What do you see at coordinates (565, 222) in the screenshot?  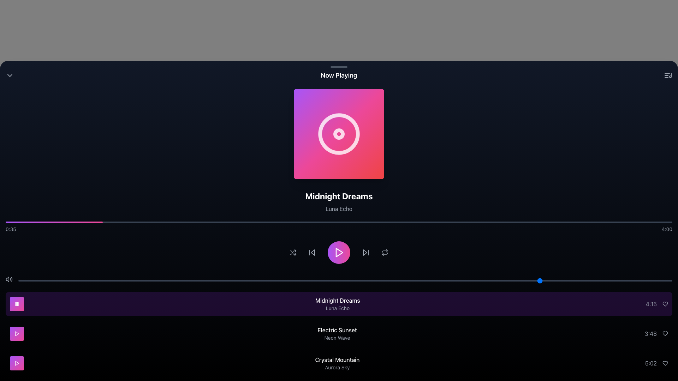 I see `the progress of the media` at bounding box center [565, 222].